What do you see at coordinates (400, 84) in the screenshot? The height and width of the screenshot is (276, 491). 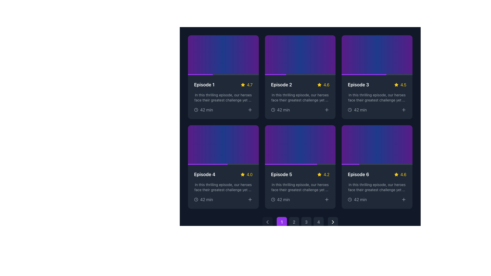 I see `the Rating Display element, which consists of a yellow star icon followed by the numerical text '4.5', located in the top-right corner of the 'Episode 3' card` at bounding box center [400, 84].